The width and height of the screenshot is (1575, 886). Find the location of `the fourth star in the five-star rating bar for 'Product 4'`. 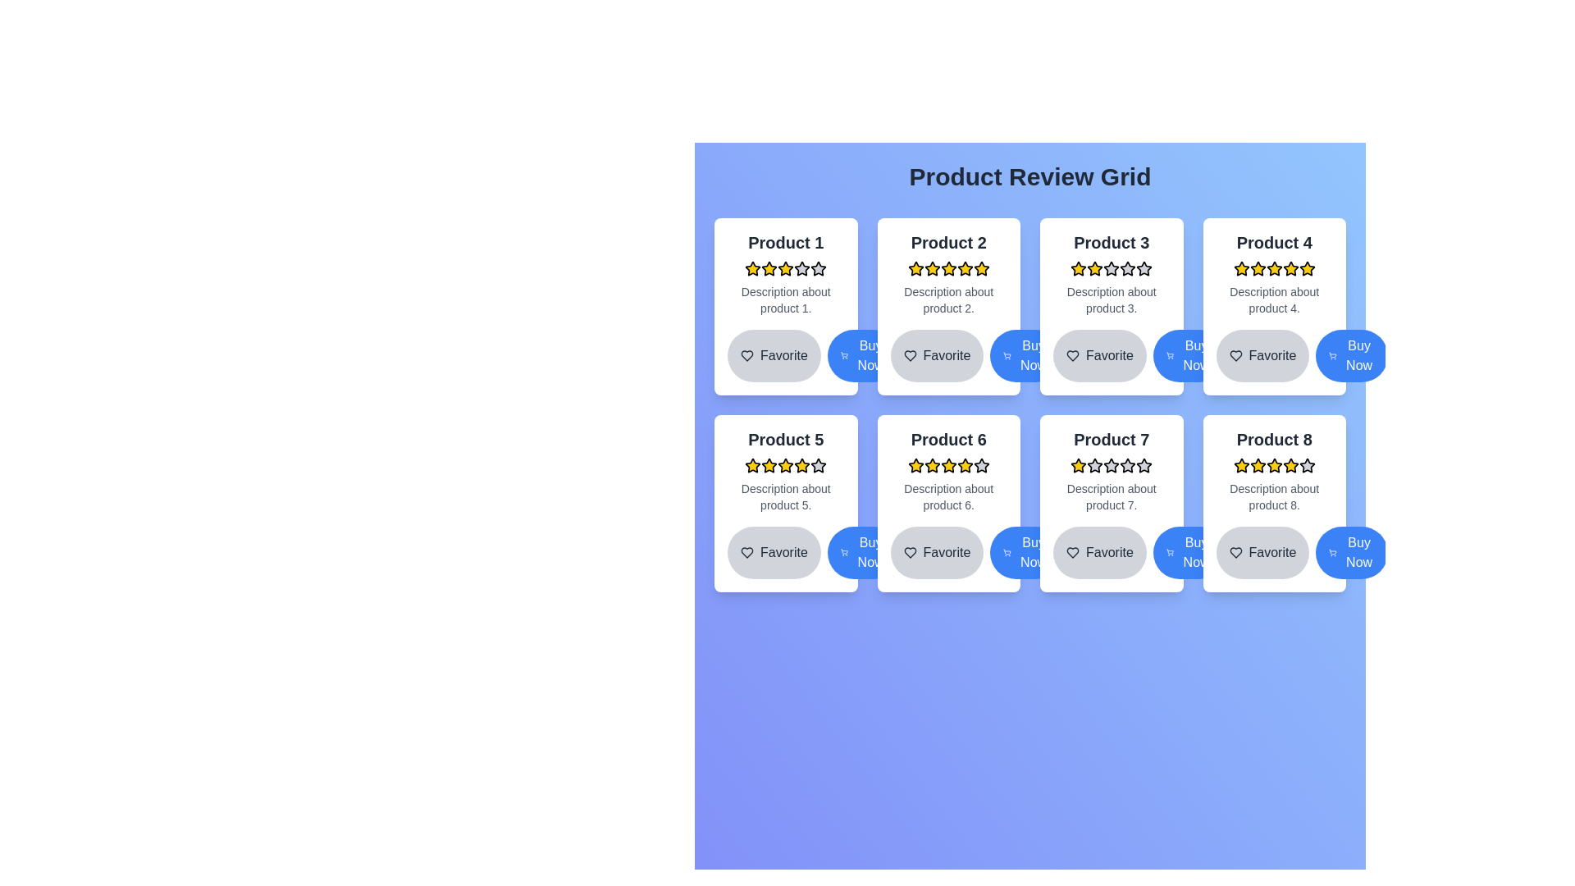

the fourth star in the five-star rating bar for 'Product 4' is located at coordinates (1257, 267).